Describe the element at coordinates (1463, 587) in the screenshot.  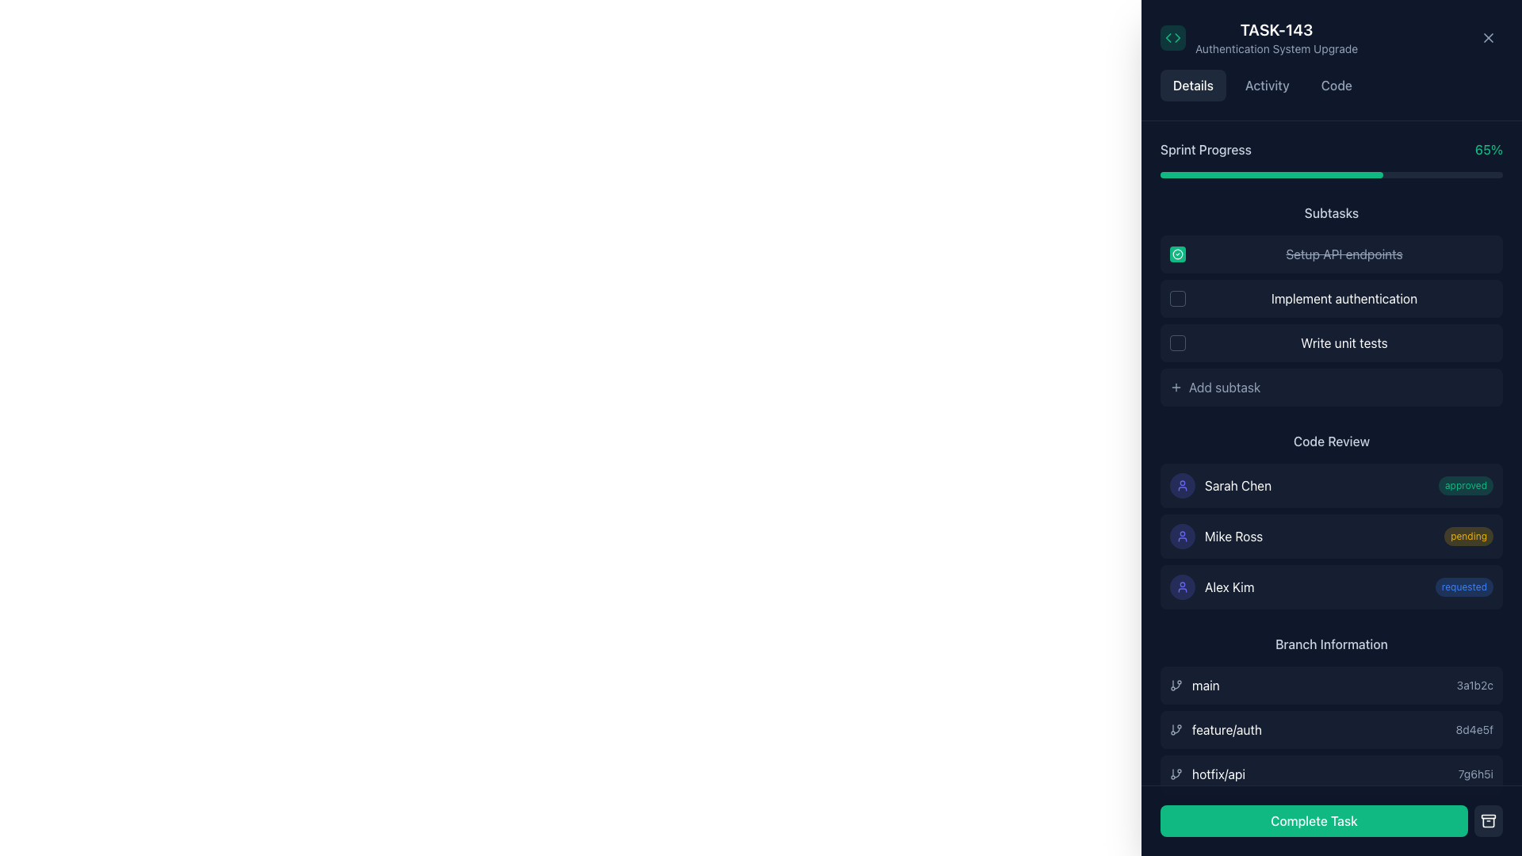
I see `status displayed on the 'requested' tag adjacent to 'Alex Kim'` at that location.